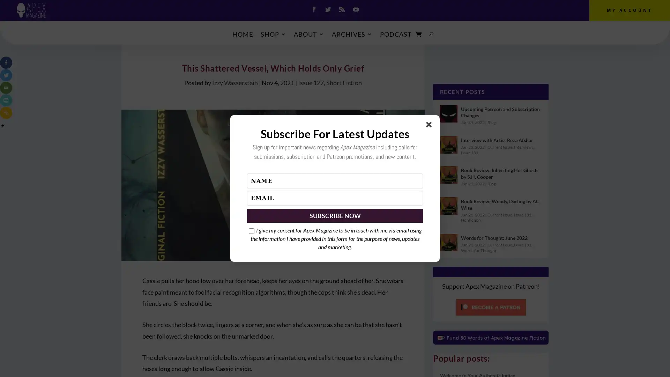 The height and width of the screenshot is (377, 670). What do you see at coordinates (335, 215) in the screenshot?
I see `Subscribe Now` at bounding box center [335, 215].